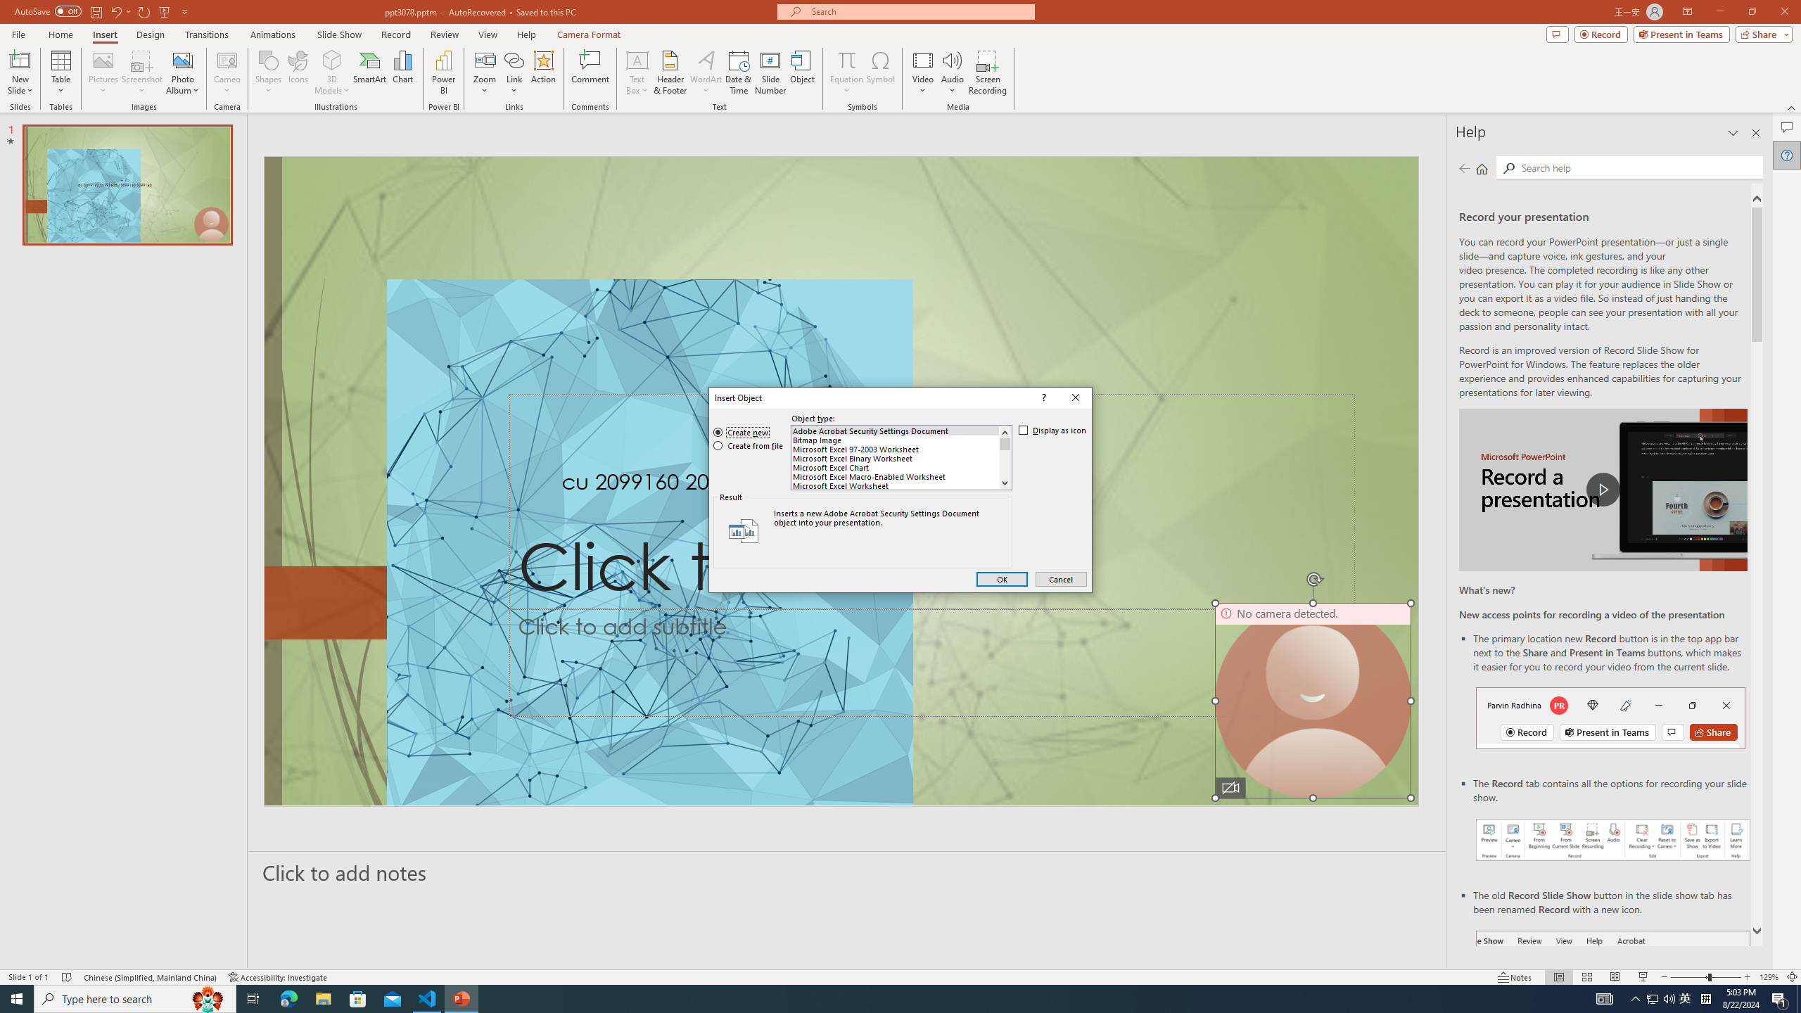 Image resolution: width=1801 pixels, height=1013 pixels. Describe the element at coordinates (402, 72) in the screenshot. I see `'Chart...'` at that location.